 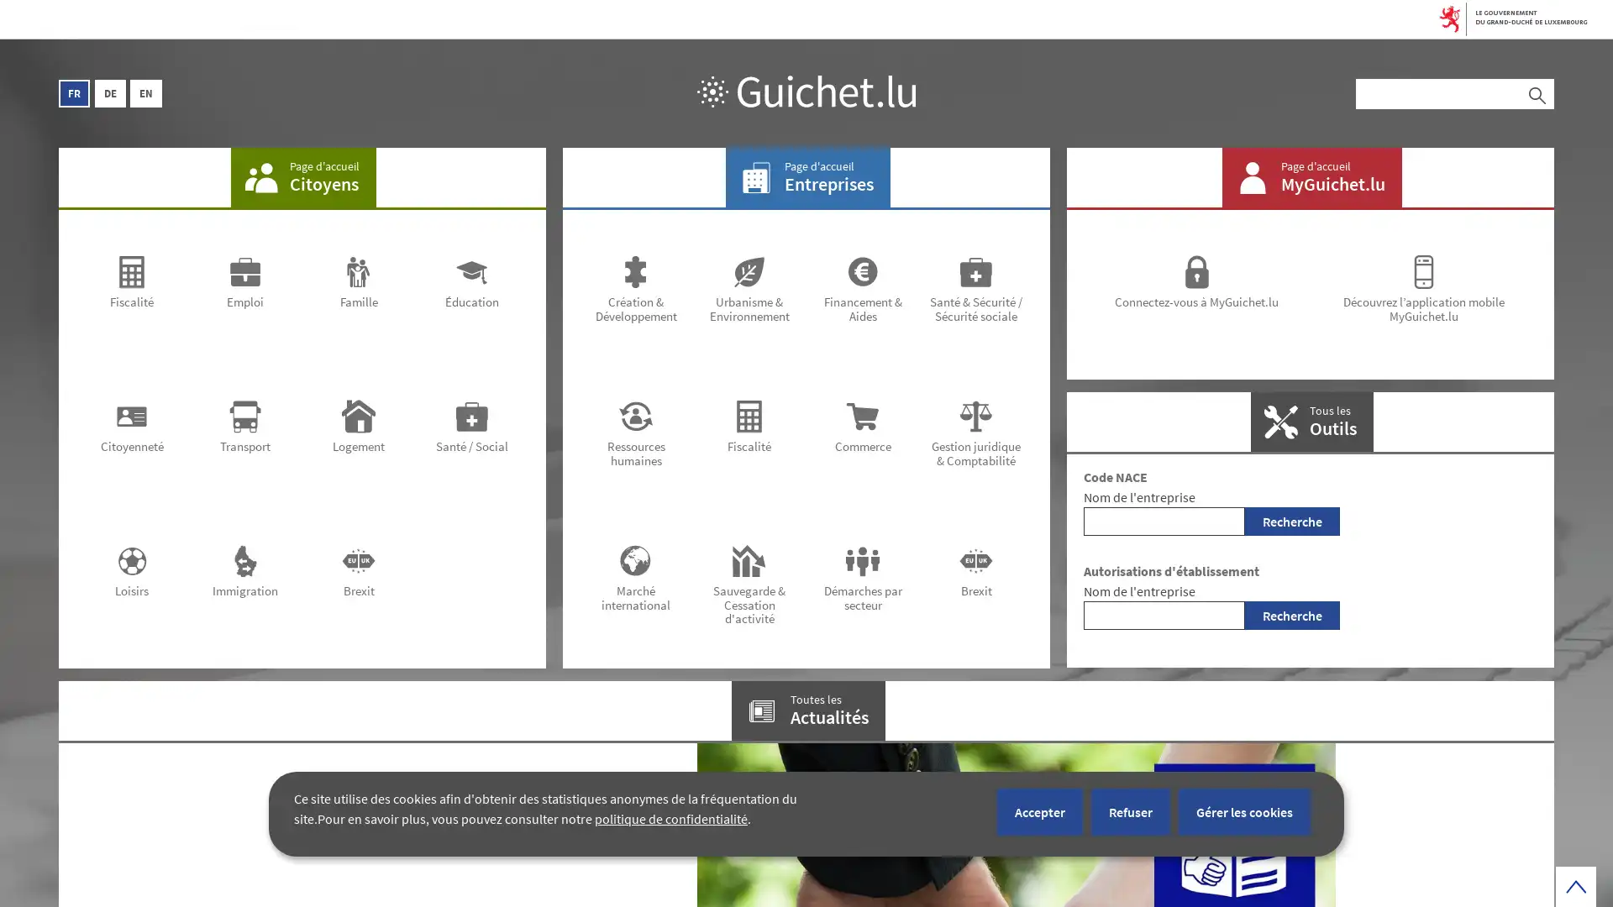 I want to click on Recherche, so click(x=1290, y=615).